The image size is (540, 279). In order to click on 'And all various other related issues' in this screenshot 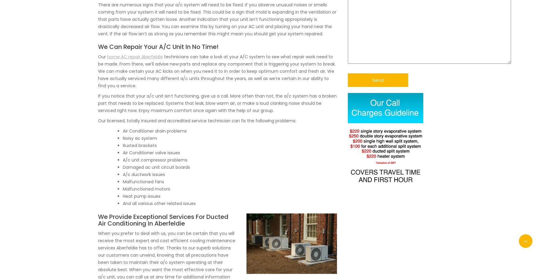, I will do `click(159, 203)`.